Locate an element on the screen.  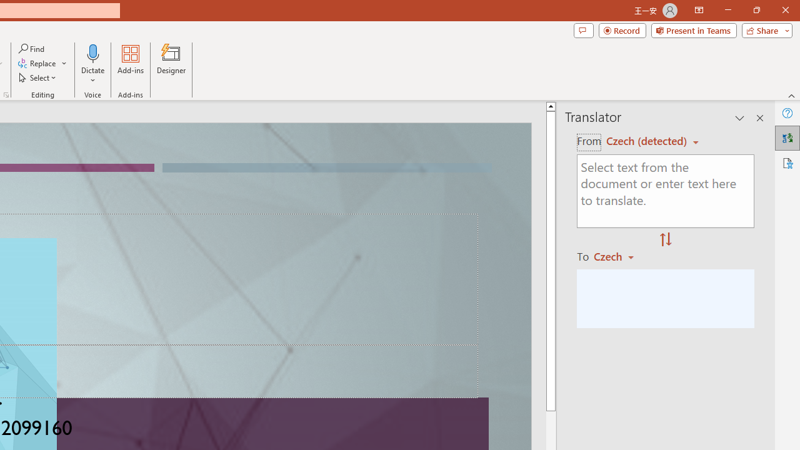
'Select' is located at coordinates (38, 77).